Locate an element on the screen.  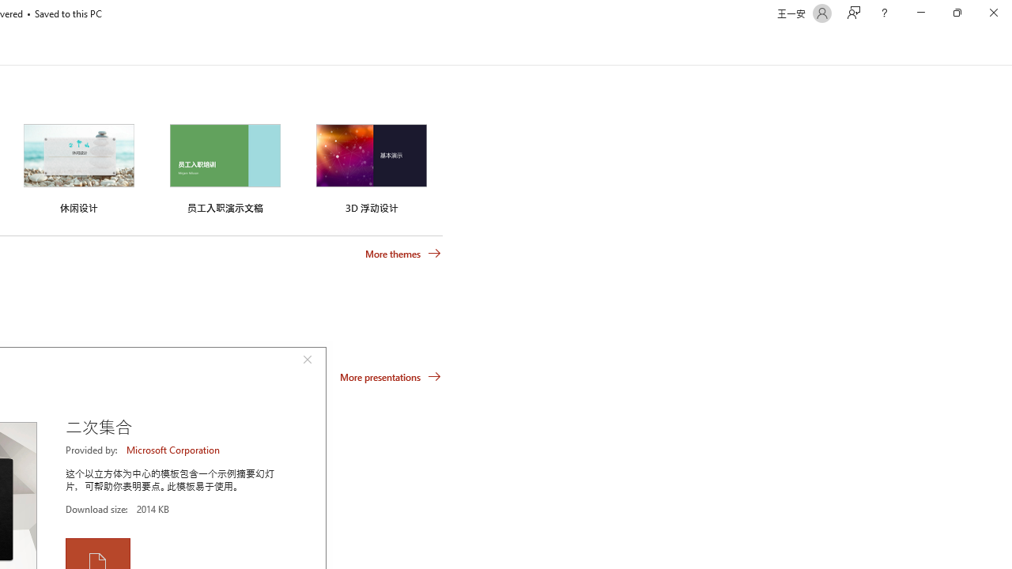
'More themes' is located at coordinates (403, 253).